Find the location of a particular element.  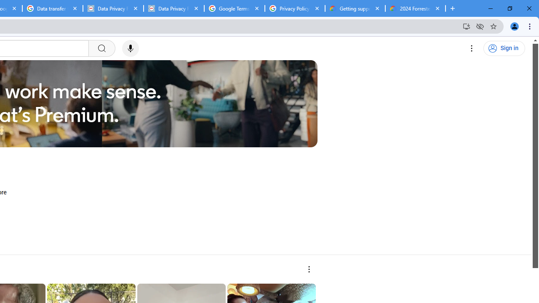

'You' is located at coordinates (514, 26).